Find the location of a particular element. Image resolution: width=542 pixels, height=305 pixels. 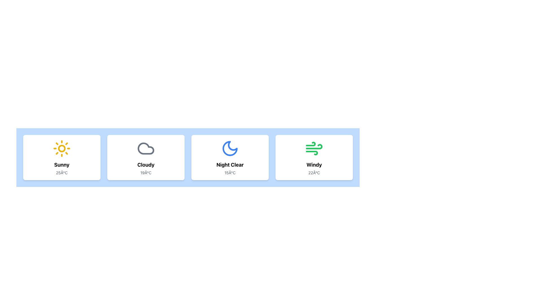

the crescent moon icon in blue representing 'Night Clear' conditions on the weather card is located at coordinates (230, 148).